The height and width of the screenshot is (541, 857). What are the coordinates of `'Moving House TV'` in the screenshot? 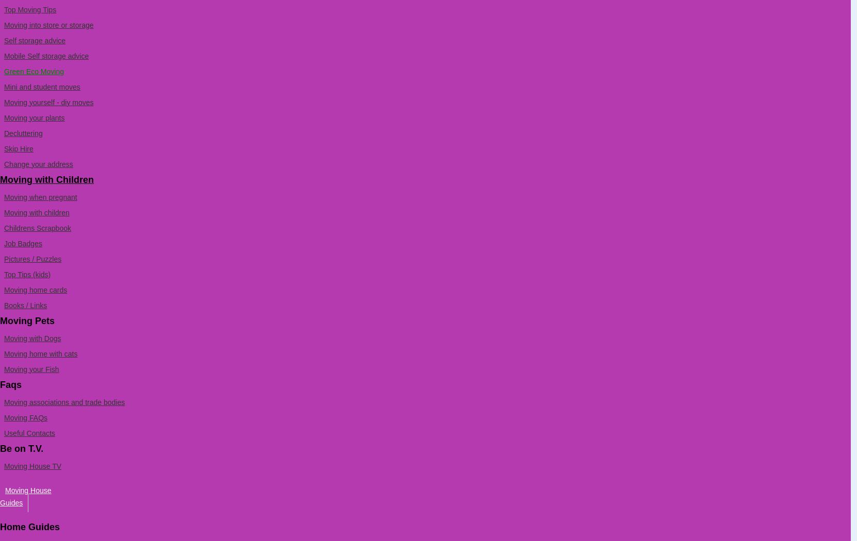 It's located at (32, 466).